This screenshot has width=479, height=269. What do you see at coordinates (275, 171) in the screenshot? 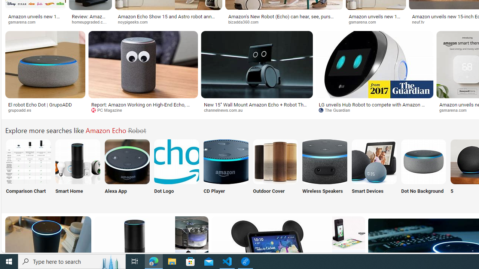
I see `'Outdoor Cover'` at bounding box center [275, 171].